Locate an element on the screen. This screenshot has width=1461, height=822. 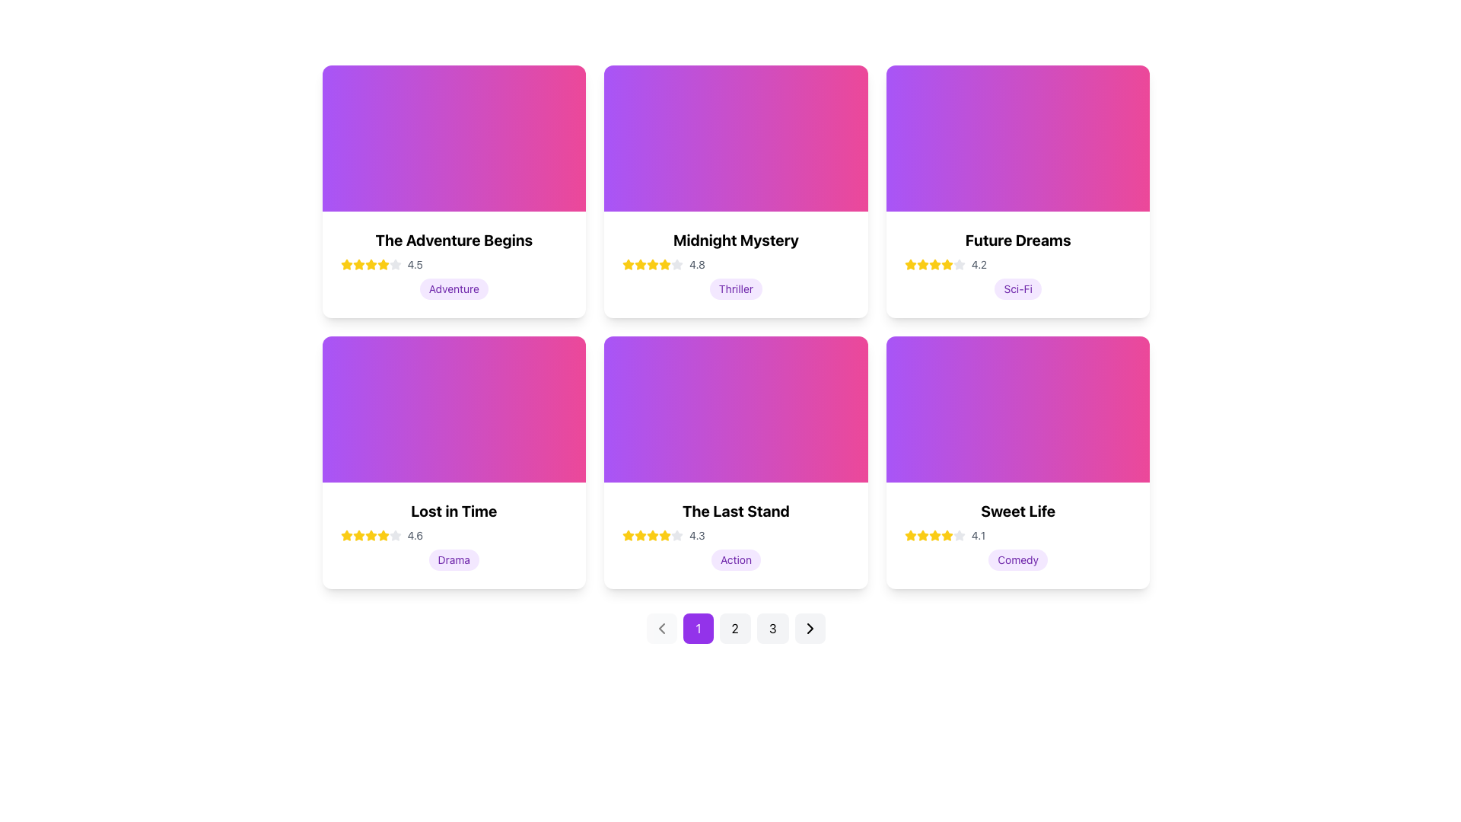
the third star icon representing a 4.3-star rating for the item titled 'The Last Stand' is located at coordinates (641, 535).